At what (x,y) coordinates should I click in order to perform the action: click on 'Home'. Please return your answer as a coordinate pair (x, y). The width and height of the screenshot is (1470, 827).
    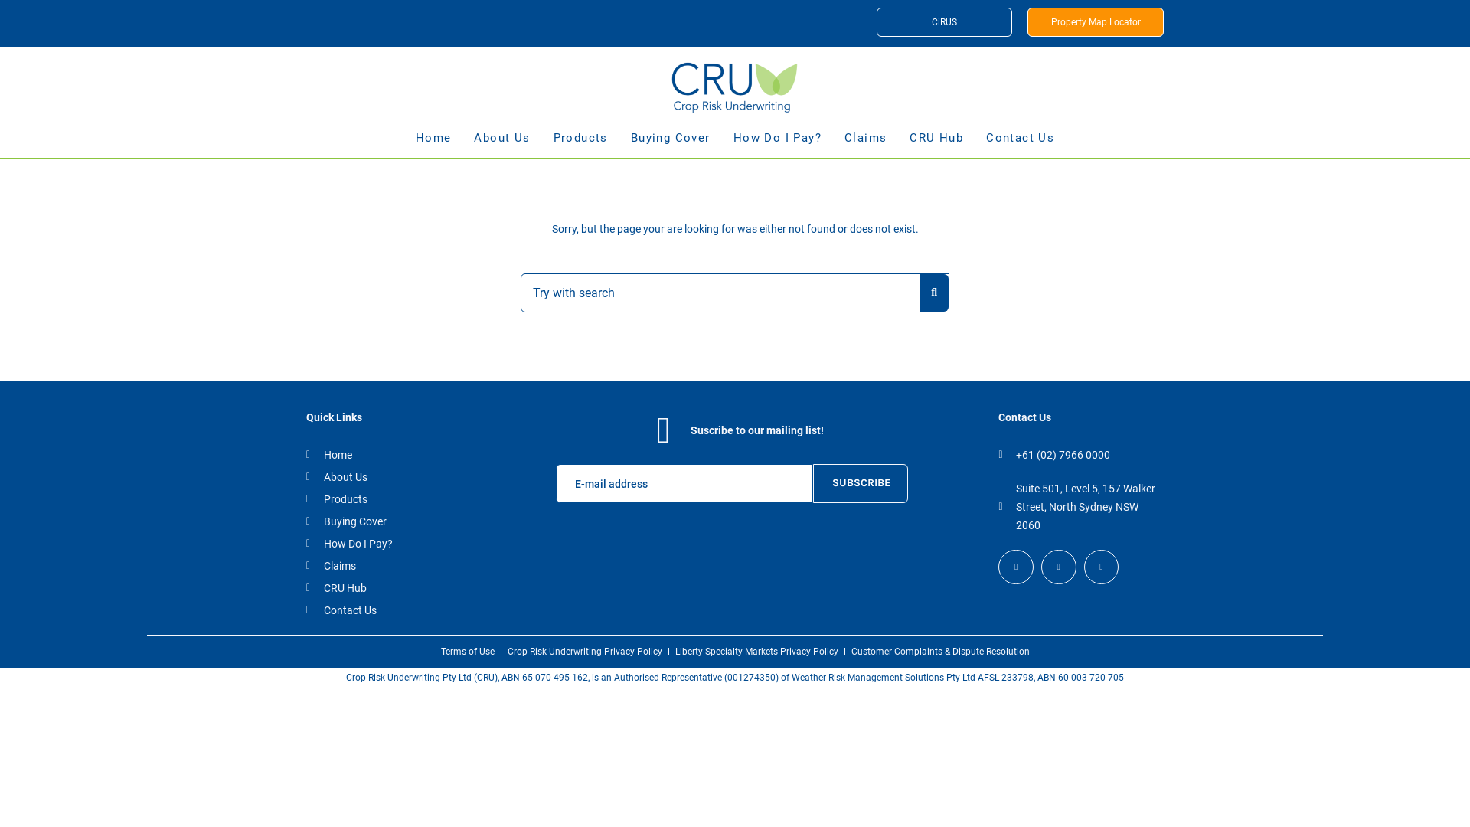
    Looking at the image, I should click on (433, 144).